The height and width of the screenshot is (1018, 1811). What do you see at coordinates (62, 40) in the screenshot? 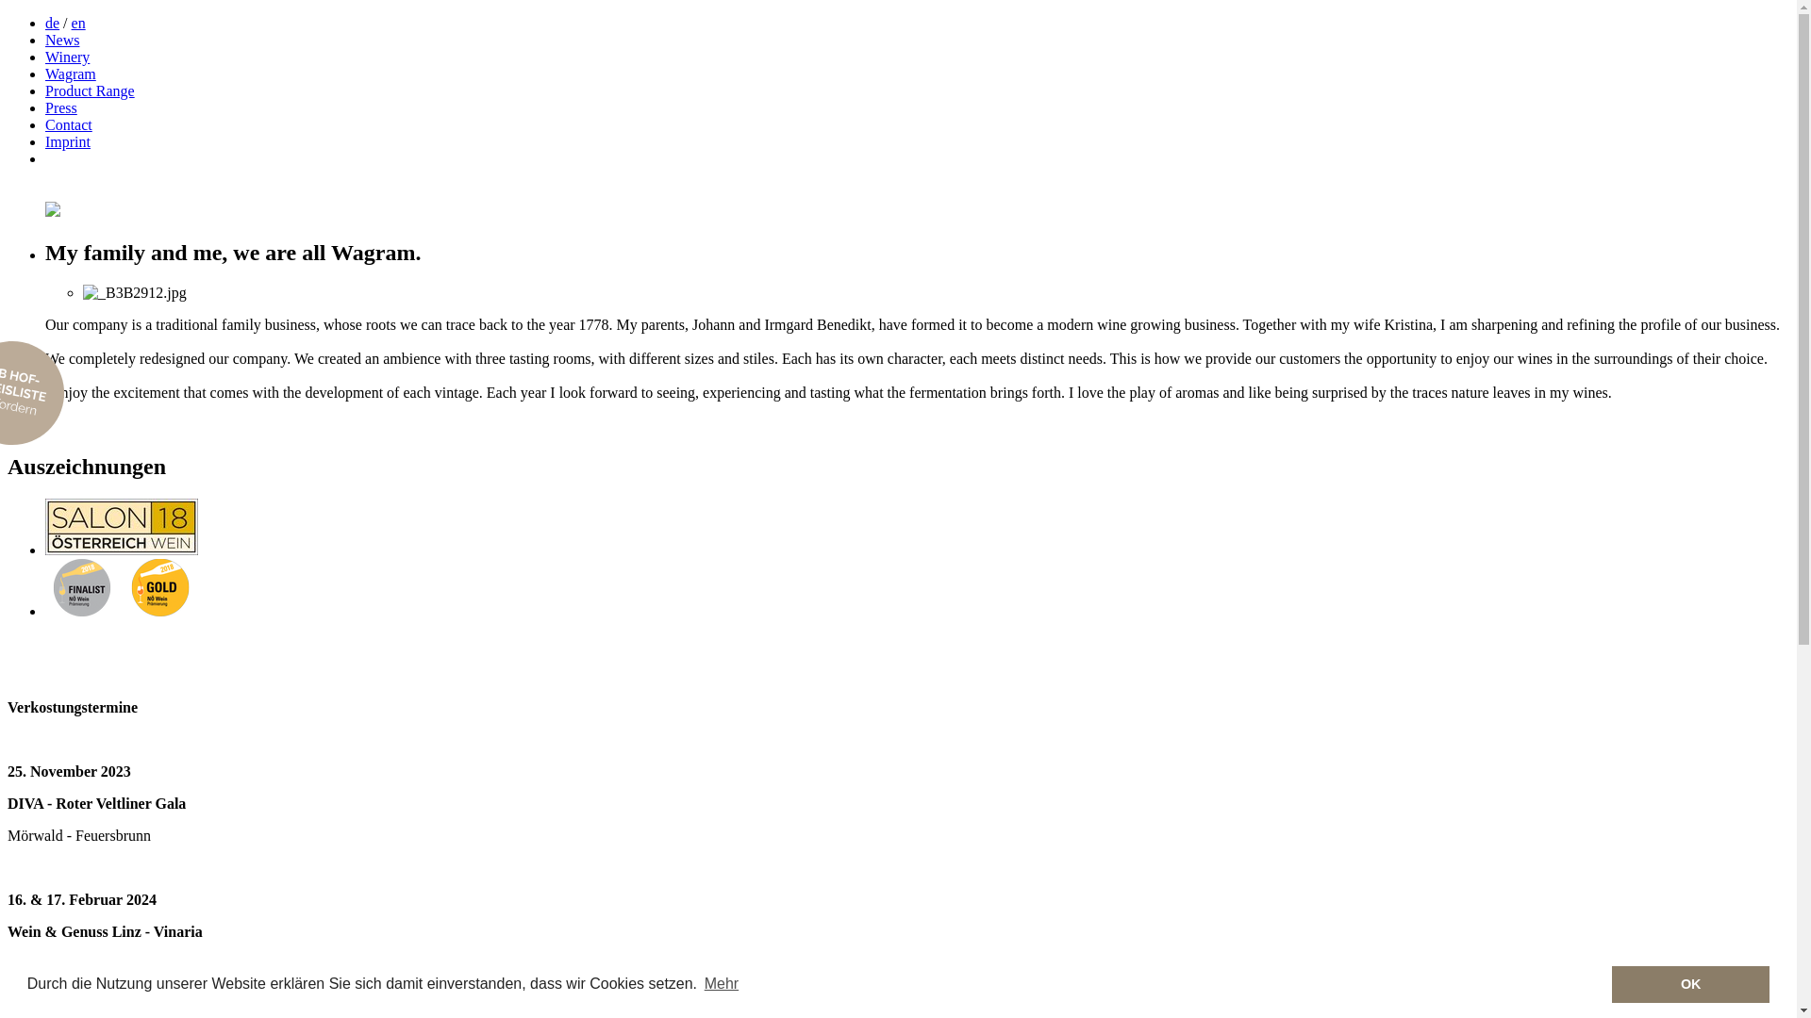
I see `'News'` at bounding box center [62, 40].